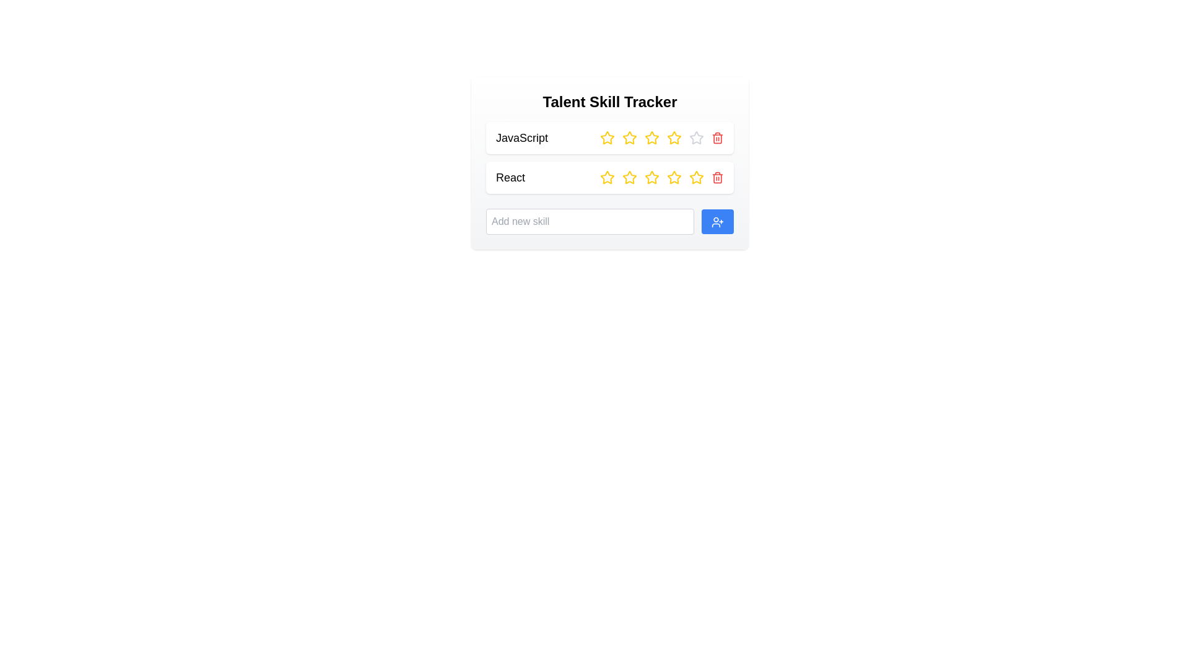  I want to click on the interactive yellow stars in the second list item labeled 'React' within the 'Talent Skill Tracker' to rate the skill, so click(609, 177).